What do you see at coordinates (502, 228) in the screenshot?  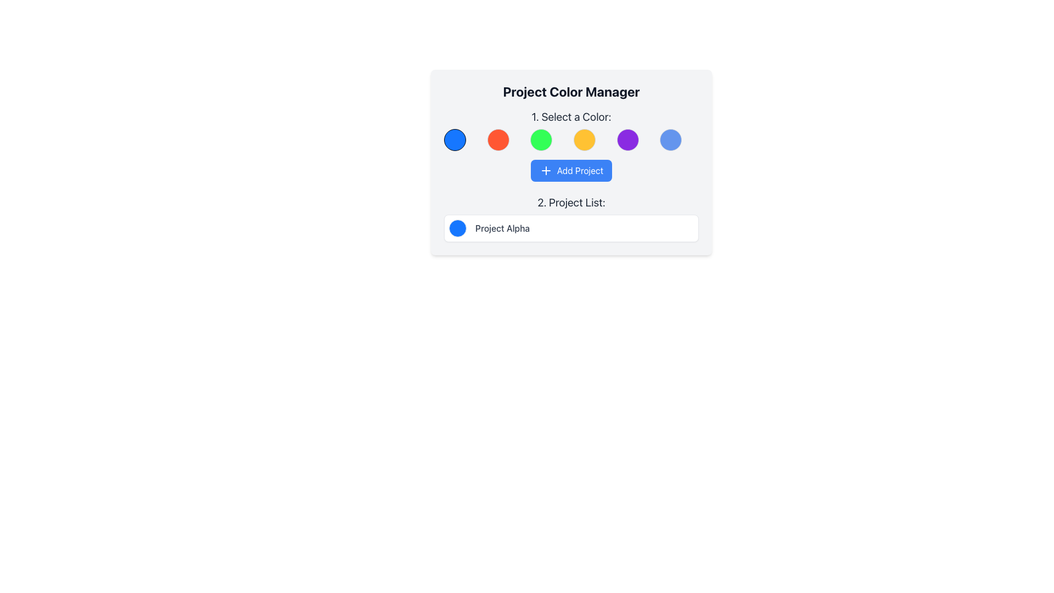 I see `the text label that identifies a project within the project list, located to the right of a blue circular icon` at bounding box center [502, 228].